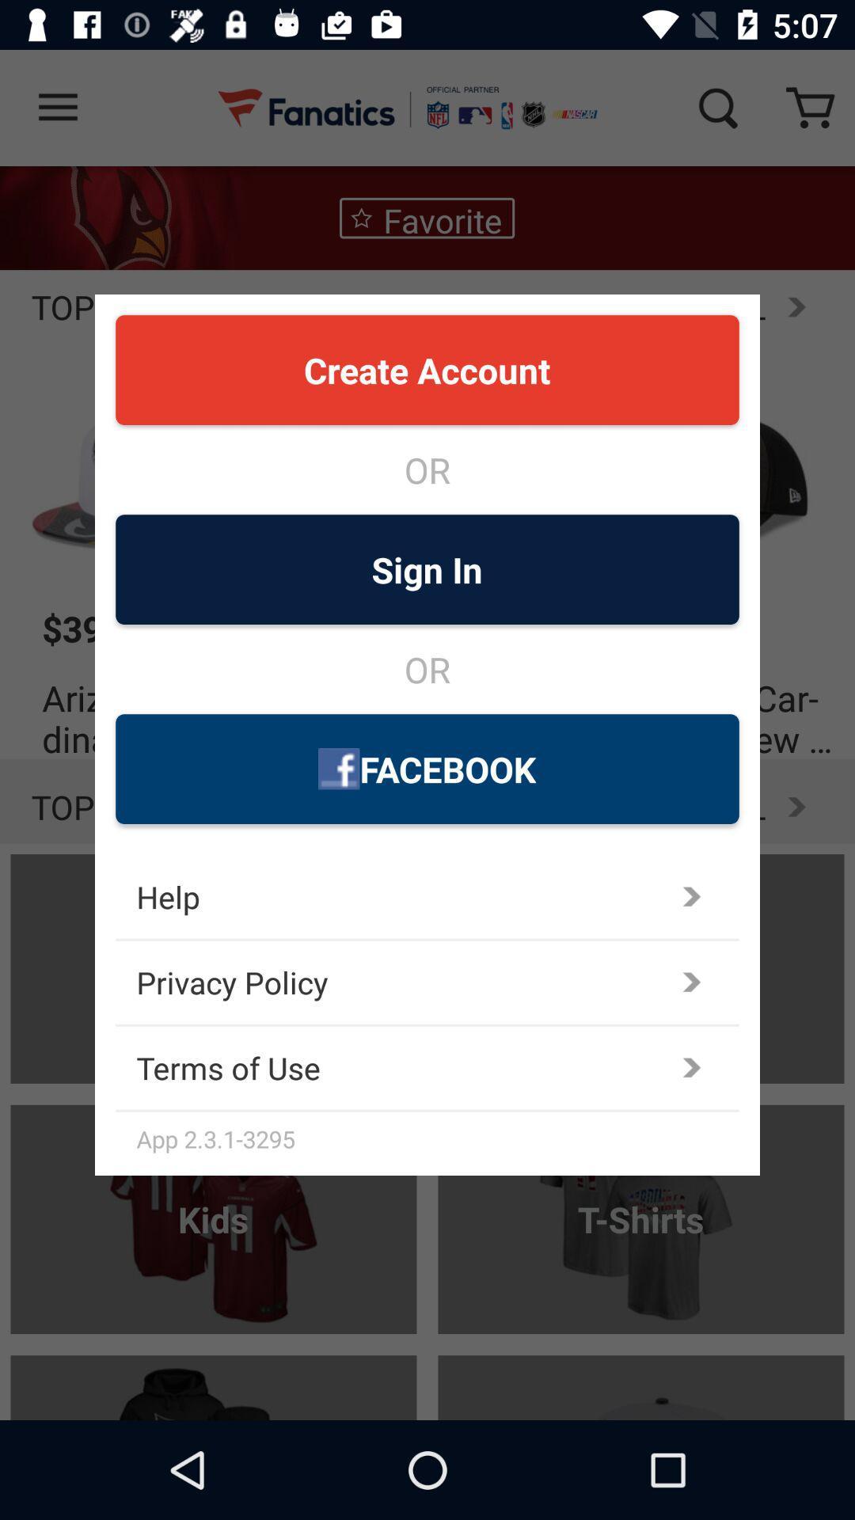 The width and height of the screenshot is (855, 1520). What do you see at coordinates (438, 1138) in the screenshot?
I see `the app 2 3 icon` at bounding box center [438, 1138].